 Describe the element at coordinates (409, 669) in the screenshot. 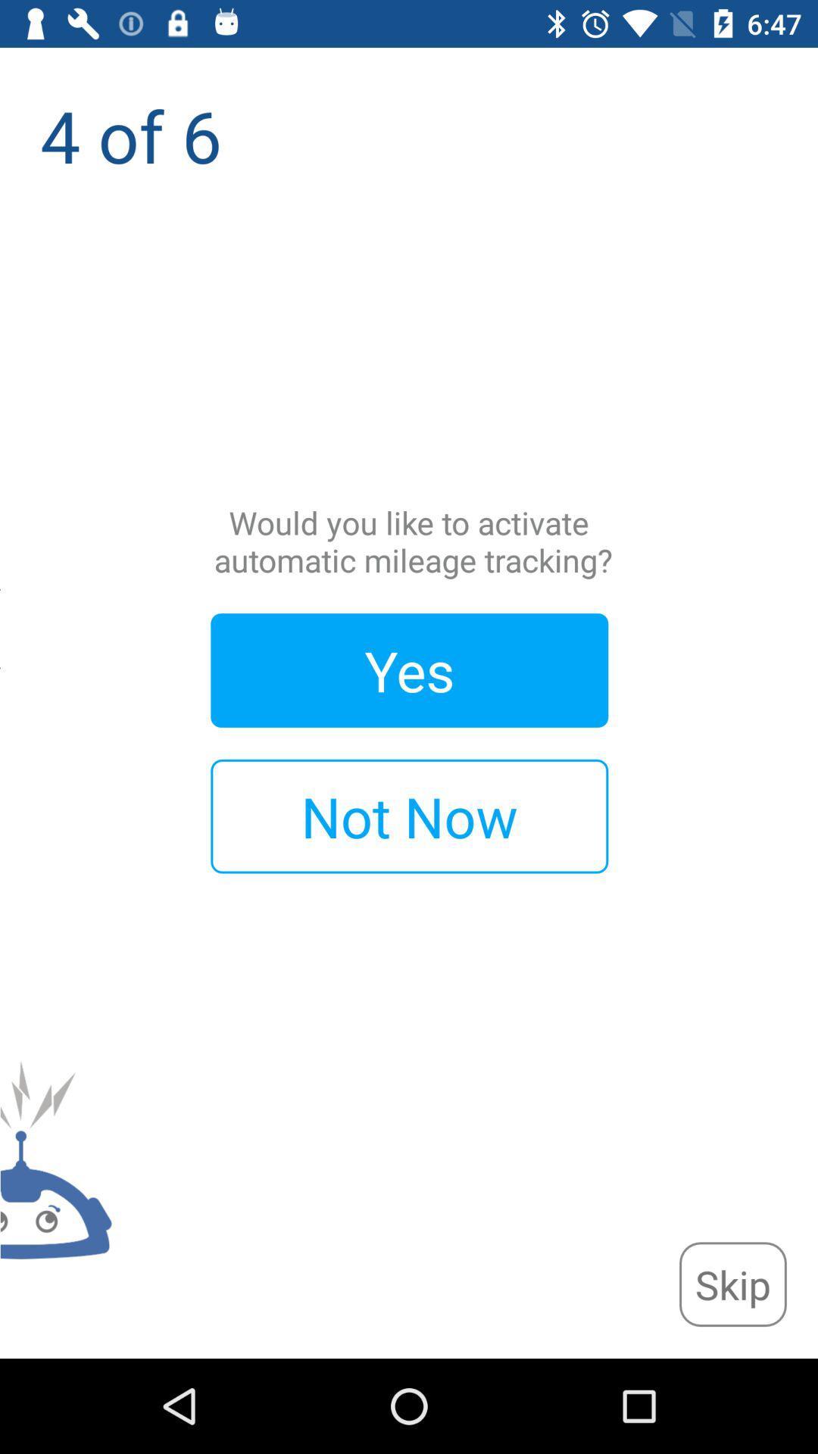

I see `yes icon` at that location.